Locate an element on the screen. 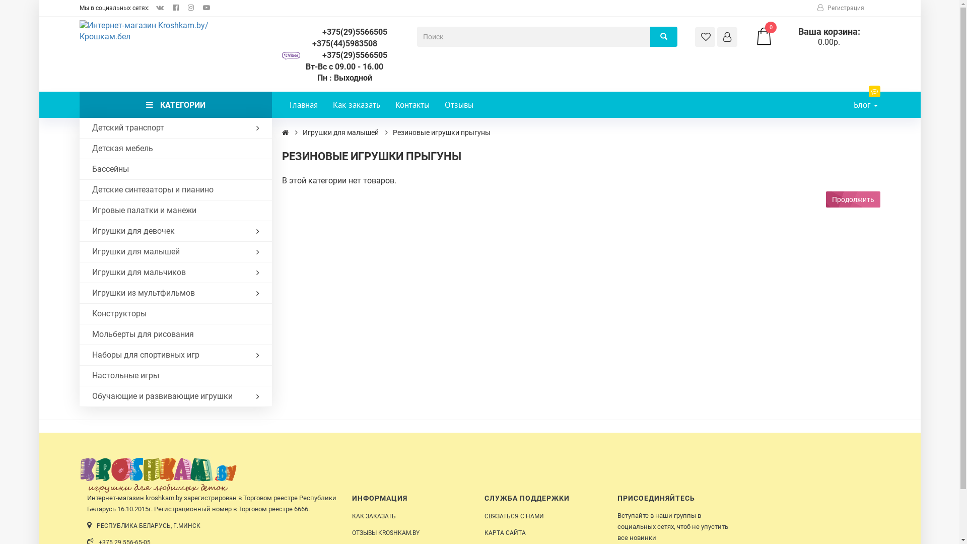 The image size is (967, 544). '+375(44)5983508' is located at coordinates (282, 43).